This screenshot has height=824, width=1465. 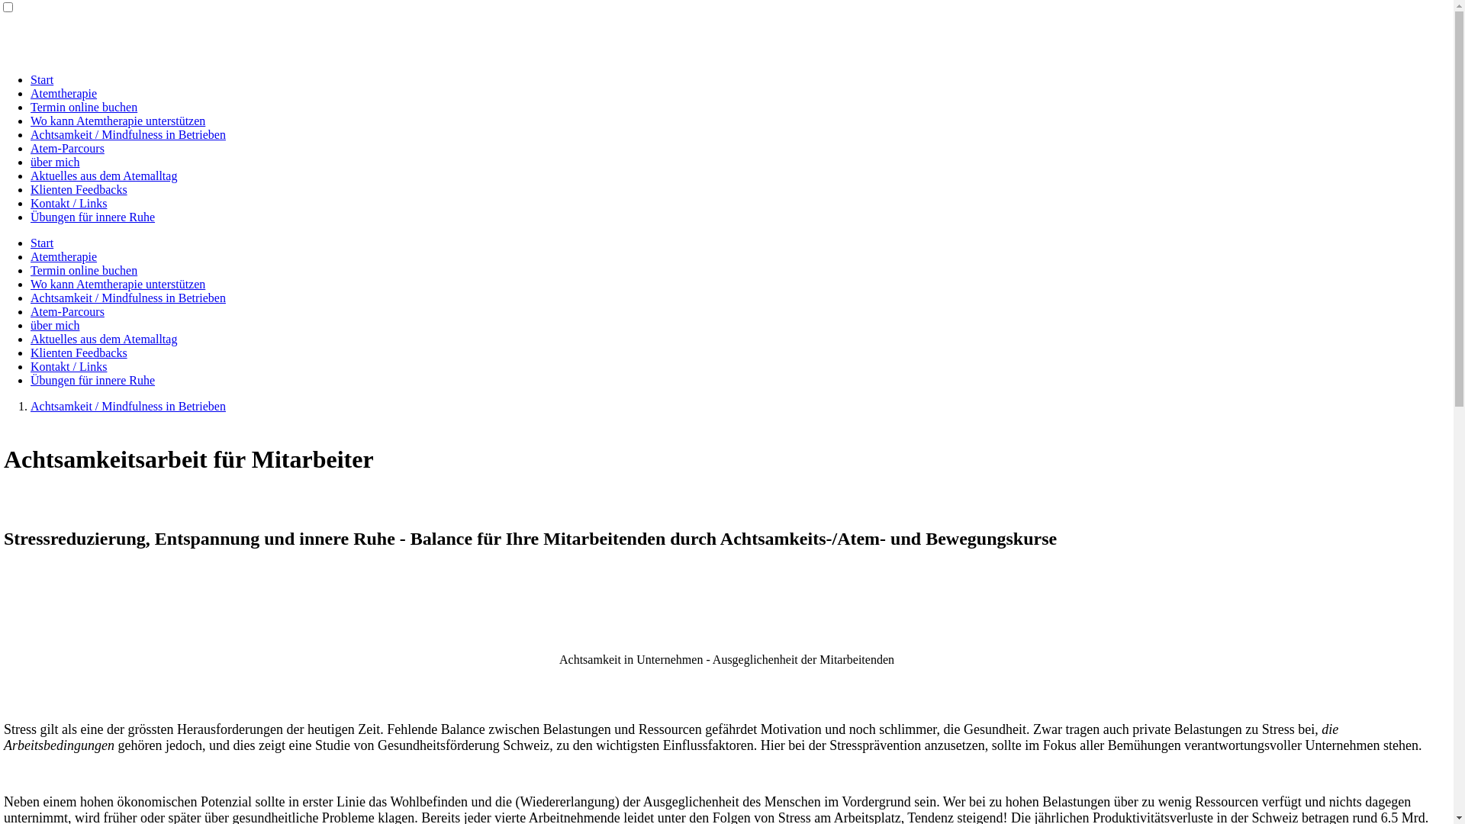 What do you see at coordinates (30, 242) in the screenshot?
I see `'Start'` at bounding box center [30, 242].